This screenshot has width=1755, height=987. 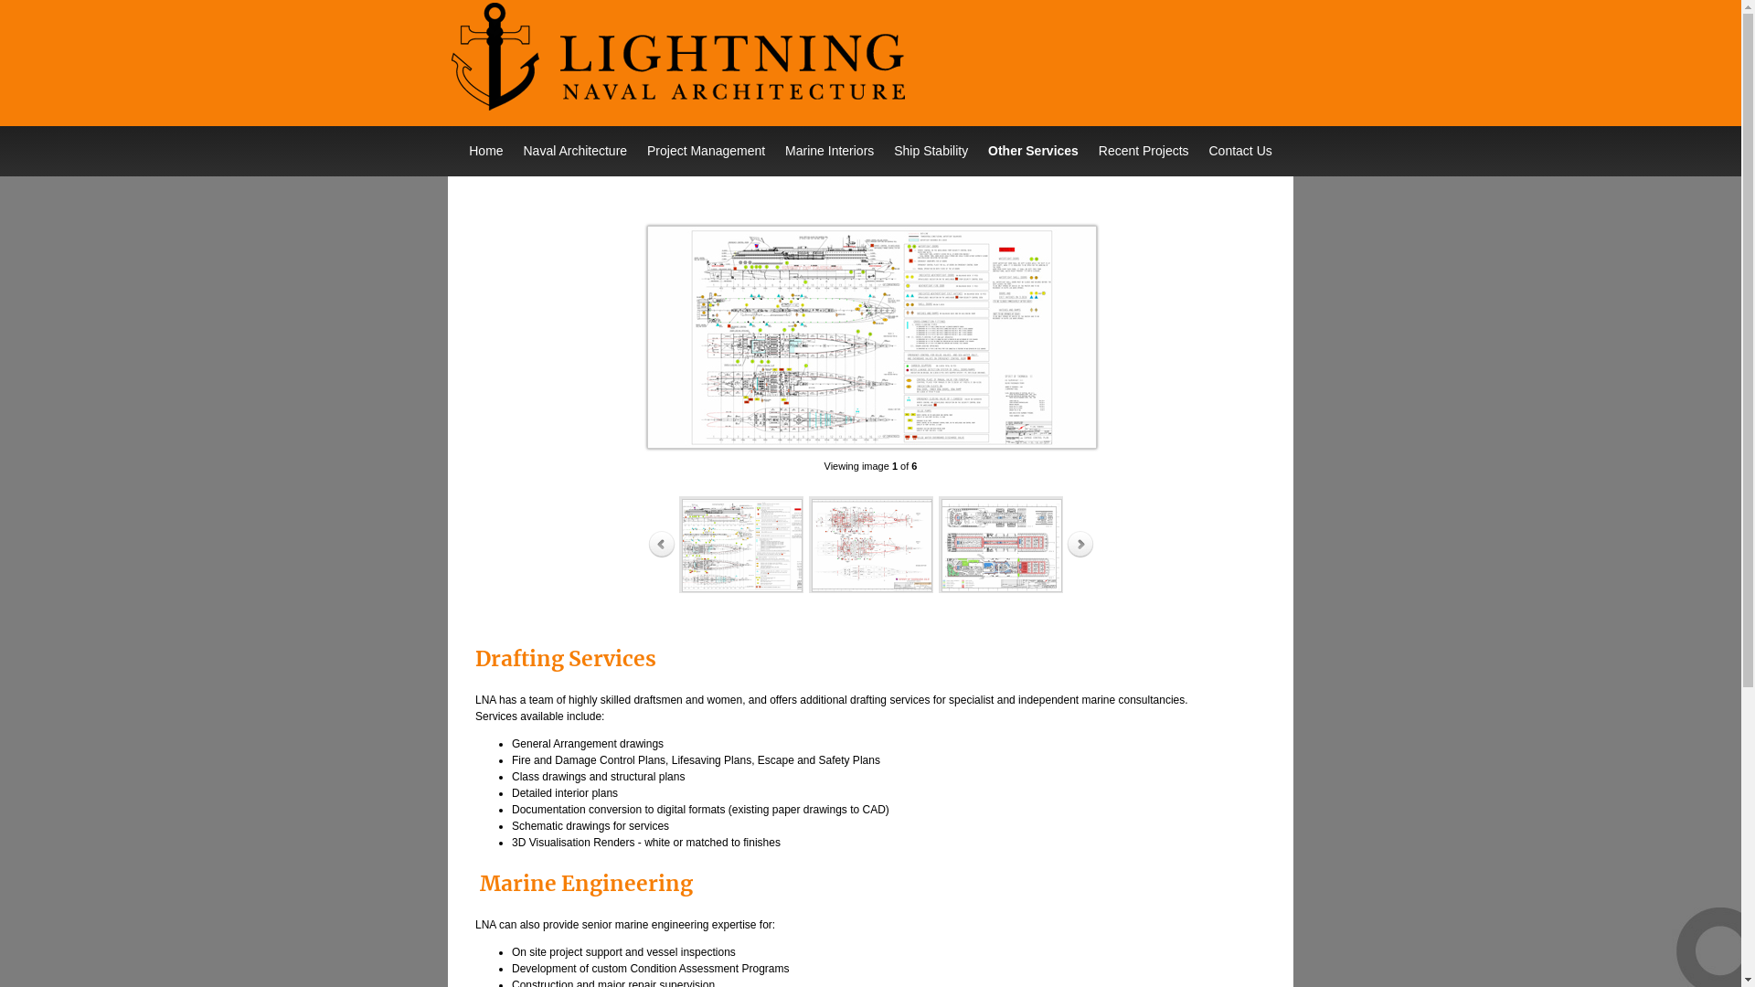 What do you see at coordinates (485, 150) in the screenshot?
I see `'Home'` at bounding box center [485, 150].